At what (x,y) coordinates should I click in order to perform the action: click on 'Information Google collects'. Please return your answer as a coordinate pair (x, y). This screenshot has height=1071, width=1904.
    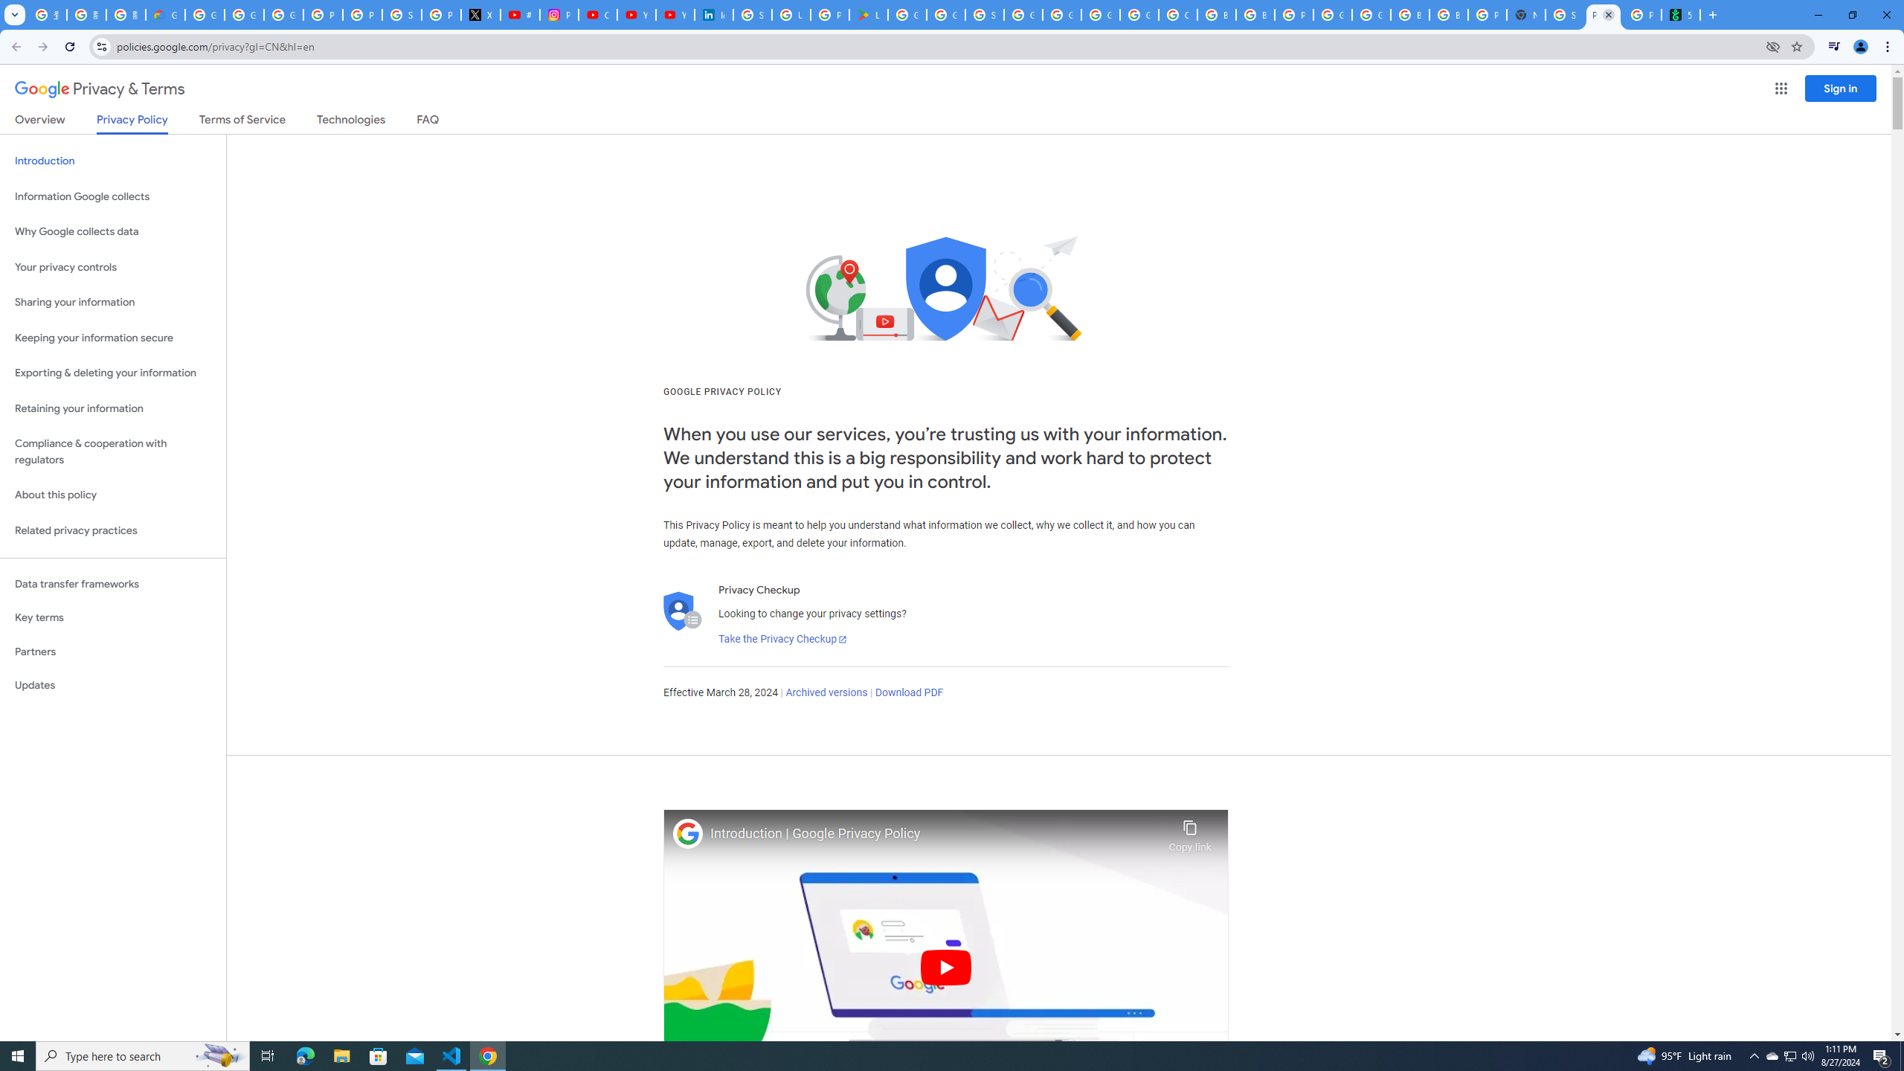
    Looking at the image, I should click on (112, 196).